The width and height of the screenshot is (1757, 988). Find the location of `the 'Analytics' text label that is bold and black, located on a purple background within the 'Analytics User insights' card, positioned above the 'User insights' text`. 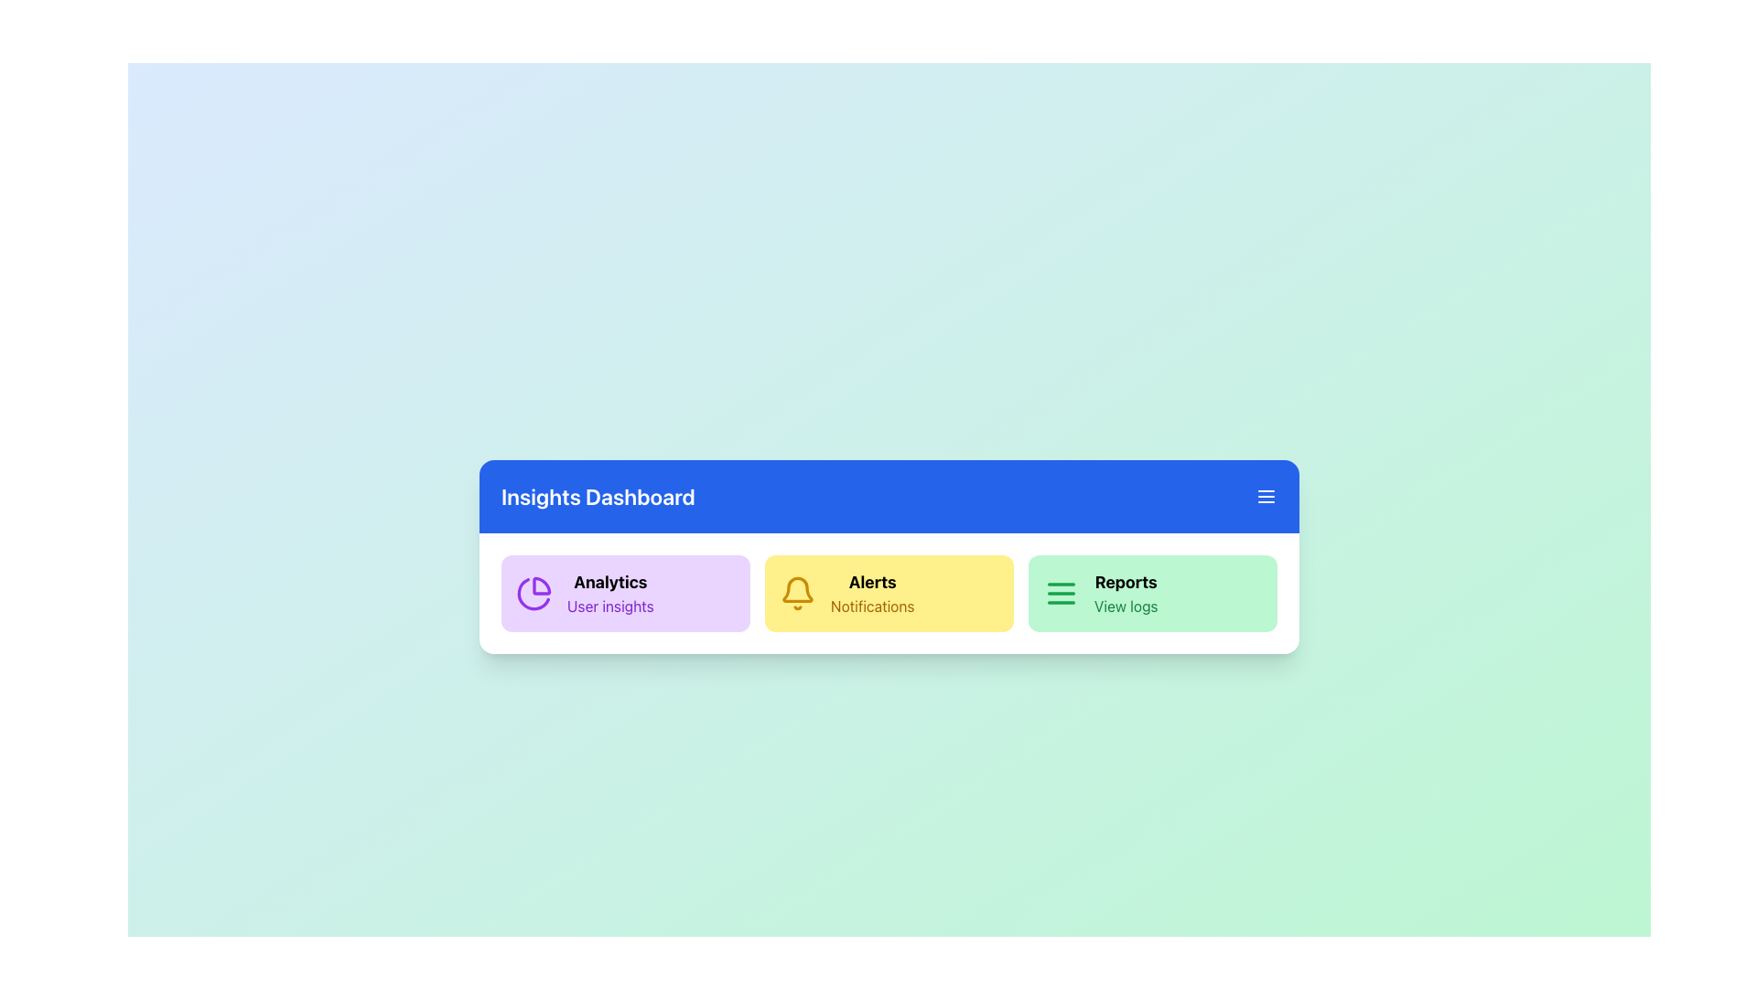

the 'Analytics' text label that is bold and black, located on a purple background within the 'Analytics User insights' card, positioned above the 'User insights' text is located at coordinates (610, 582).